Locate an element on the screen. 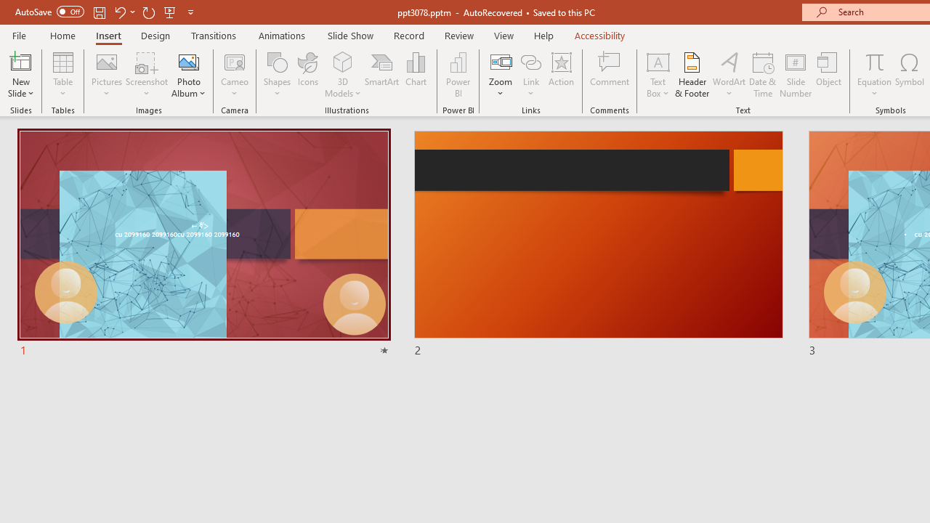 This screenshot has width=930, height=523. 'Table' is located at coordinates (62, 75).